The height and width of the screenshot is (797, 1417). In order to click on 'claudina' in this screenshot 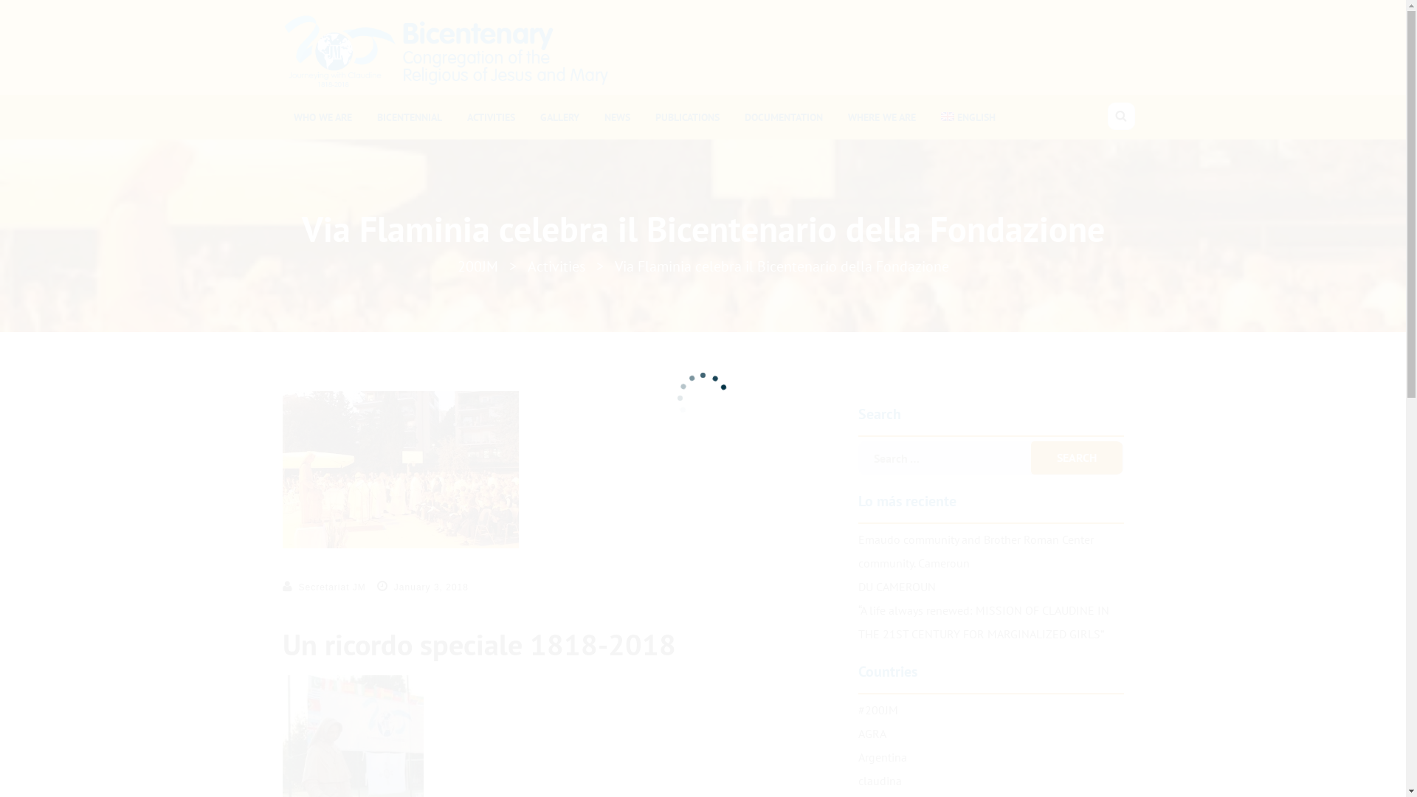, I will do `click(879, 779)`.